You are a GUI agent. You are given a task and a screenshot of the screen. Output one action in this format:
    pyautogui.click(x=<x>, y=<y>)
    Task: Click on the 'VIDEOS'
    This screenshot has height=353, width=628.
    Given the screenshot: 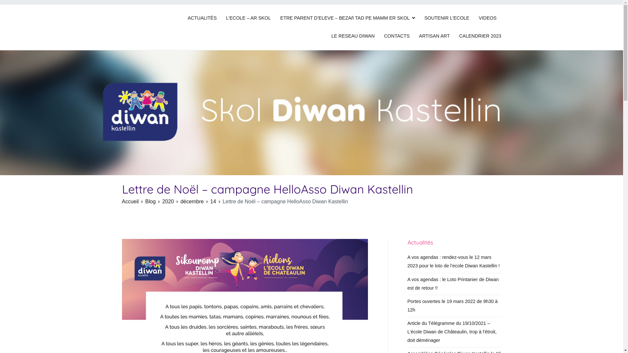 What is the action you would take?
    pyautogui.click(x=479, y=18)
    